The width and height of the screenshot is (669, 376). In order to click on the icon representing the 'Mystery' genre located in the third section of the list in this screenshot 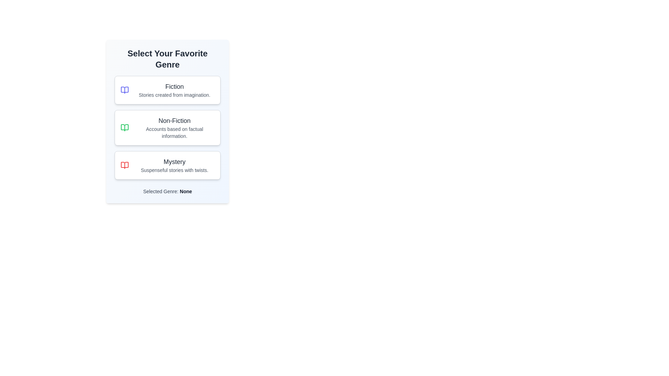, I will do `click(125, 165)`.